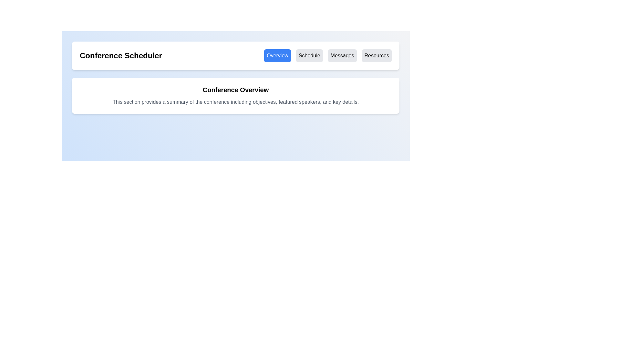 The height and width of the screenshot is (348, 620). Describe the element at coordinates (328, 55) in the screenshot. I see `the third button under the 'Conference Scheduler' header` at that location.